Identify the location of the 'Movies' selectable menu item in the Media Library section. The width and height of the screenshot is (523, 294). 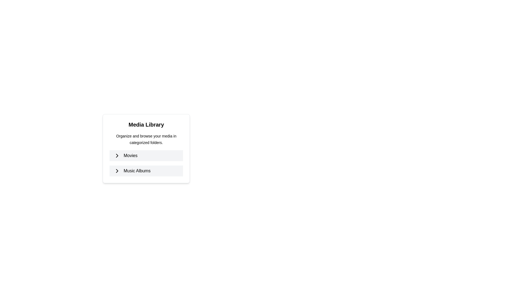
(146, 155).